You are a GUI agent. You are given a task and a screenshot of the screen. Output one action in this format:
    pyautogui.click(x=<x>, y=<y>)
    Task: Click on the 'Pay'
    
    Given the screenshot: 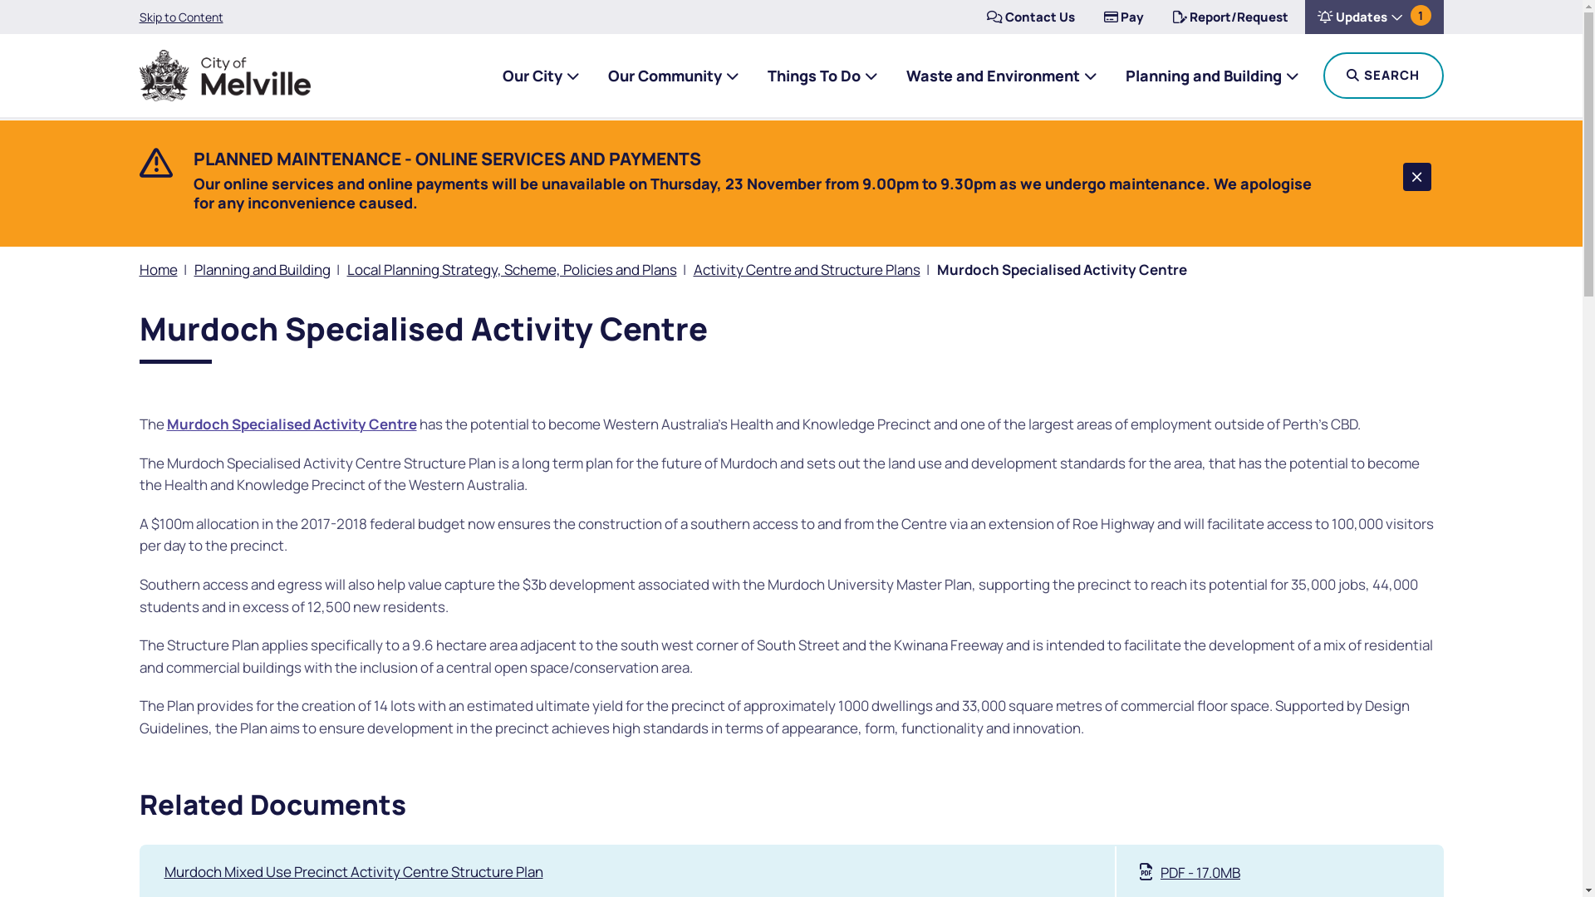 What is the action you would take?
    pyautogui.click(x=1124, y=17)
    